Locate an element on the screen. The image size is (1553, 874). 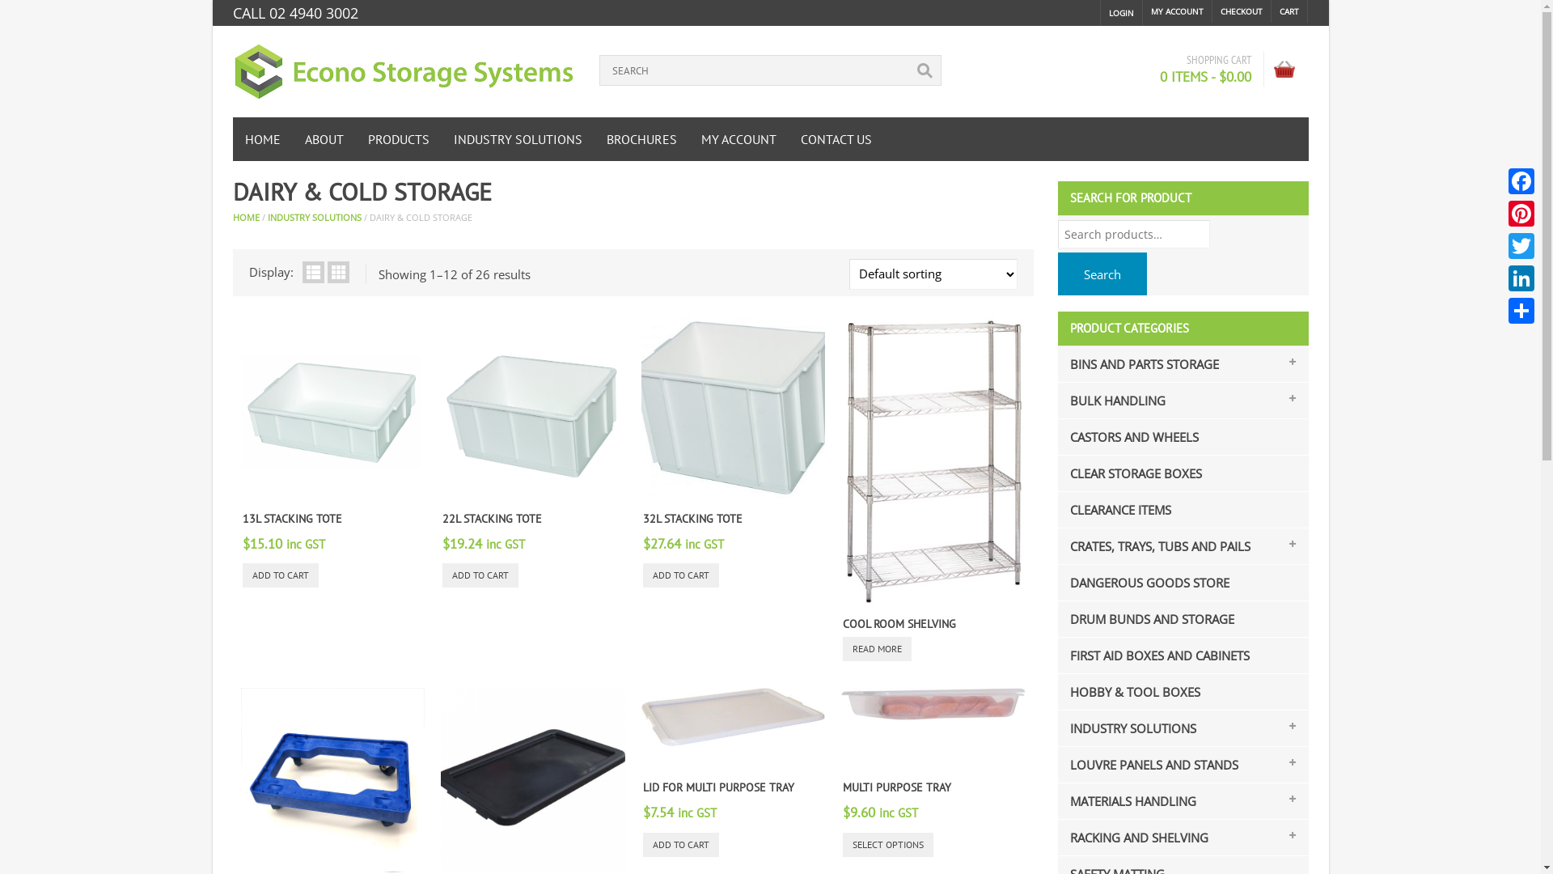
'LOGIN' is located at coordinates (1108, 12).